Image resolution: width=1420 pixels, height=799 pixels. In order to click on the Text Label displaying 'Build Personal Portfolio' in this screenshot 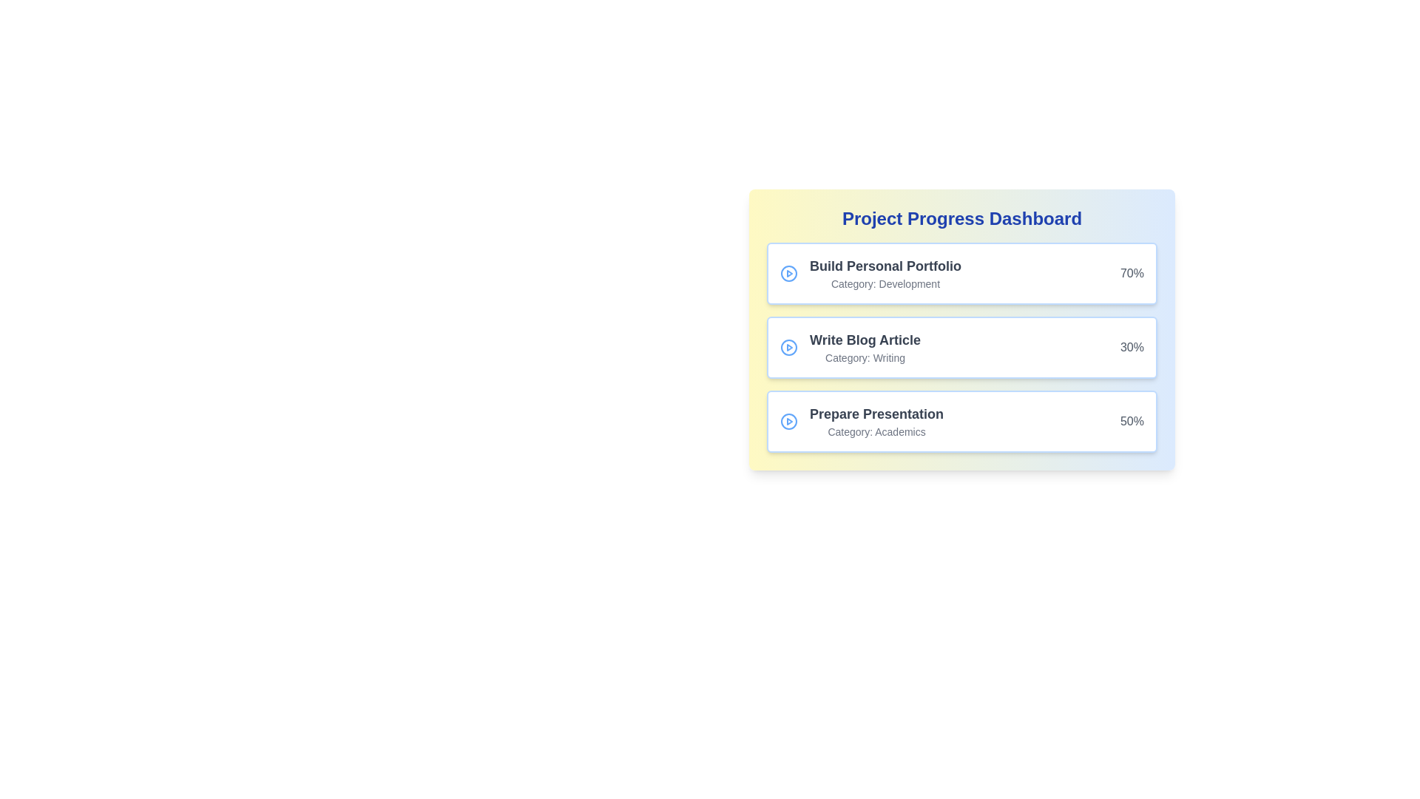, I will do `click(885, 274)`.